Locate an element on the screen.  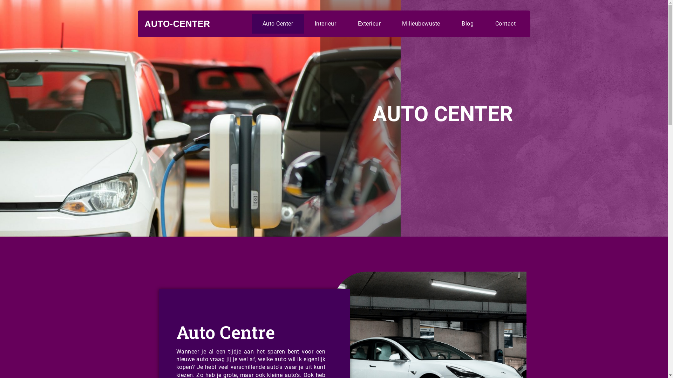
'Auto Center' is located at coordinates (252, 23).